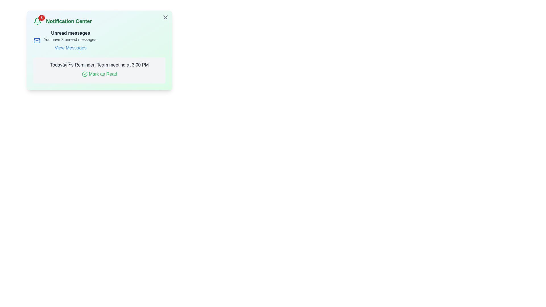  Describe the element at coordinates (36, 40) in the screenshot. I see `the envelope icon representing the messaging feature, which has a blue-stroke outline and is located to the left of the 'Unread messages' text in the notification card` at that location.